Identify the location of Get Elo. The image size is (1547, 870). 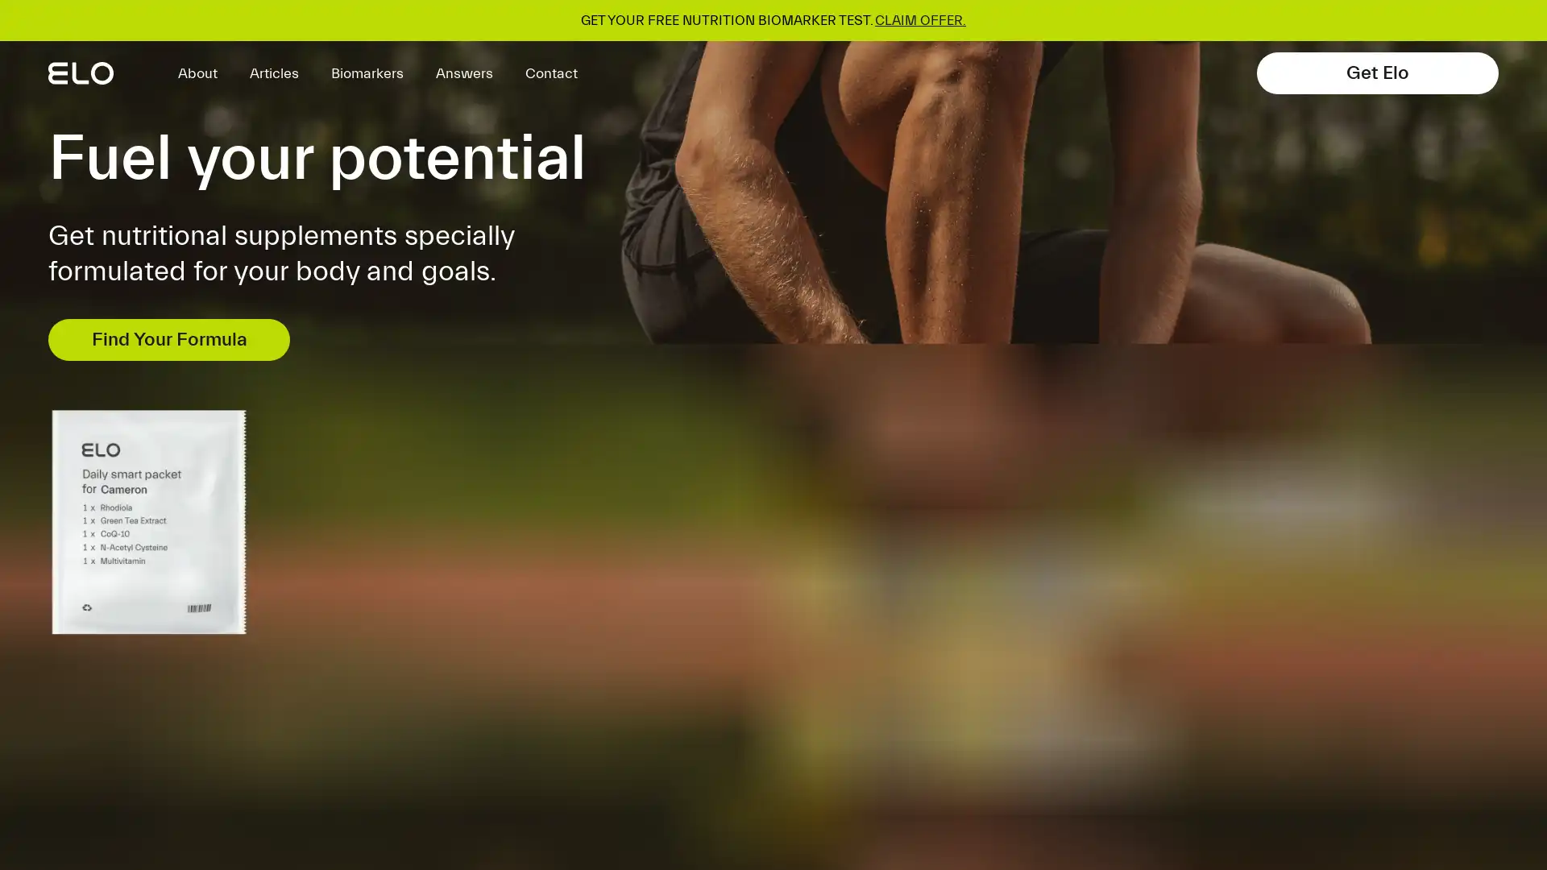
(1376, 73).